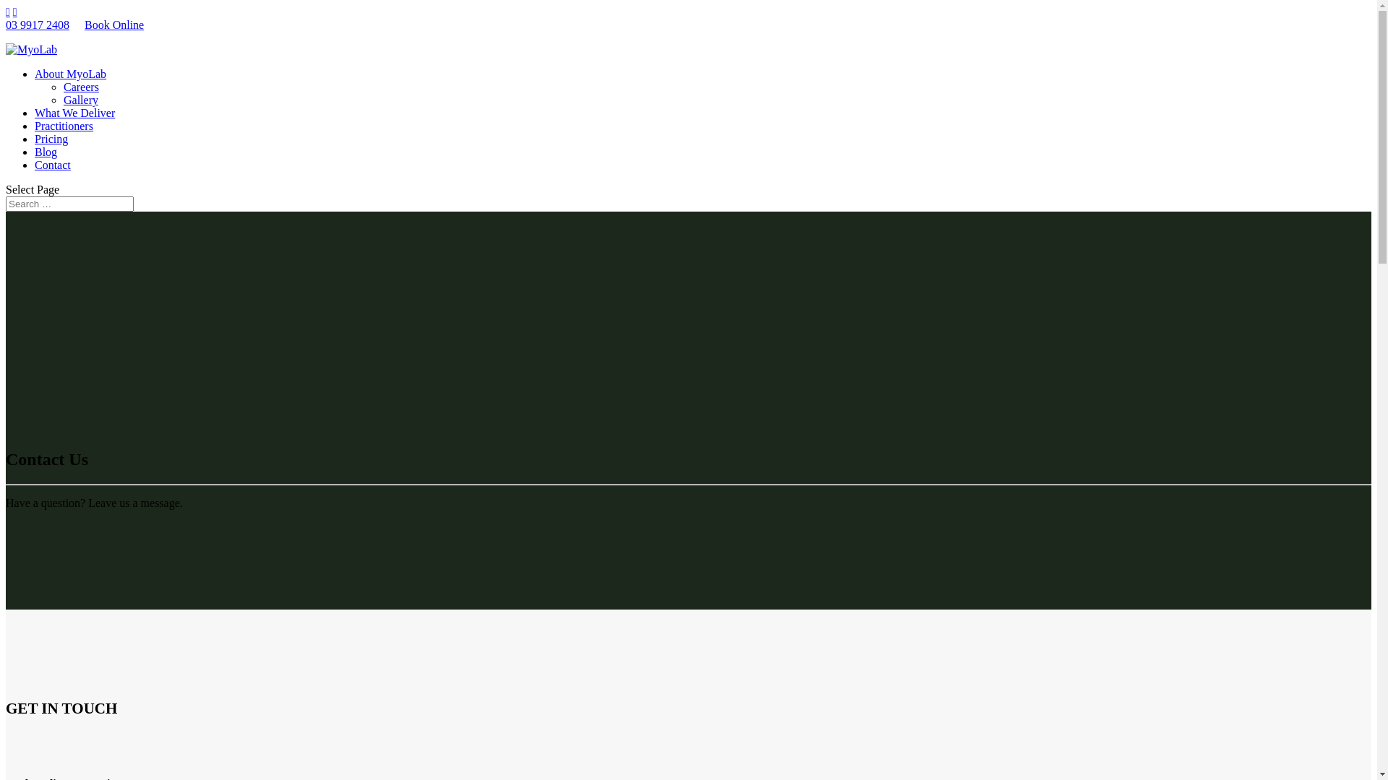 This screenshot has height=780, width=1388. What do you see at coordinates (69, 74) in the screenshot?
I see `'About MyoLab'` at bounding box center [69, 74].